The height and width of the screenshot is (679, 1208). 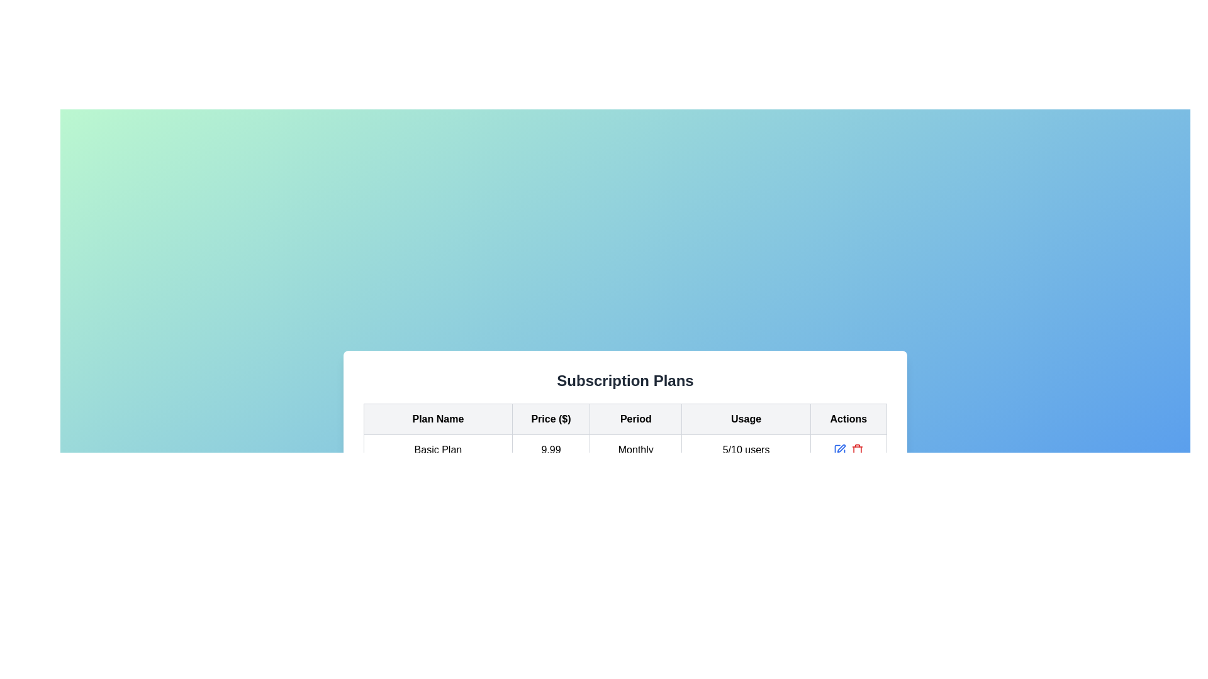 What do you see at coordinates (625, 465) in the screenshot?
I see `text content of the subscription plans table, which includes rows for Basic, Pro, and Enterprise plans, along with their pricing and usage limits` at bounding box center [625, 465].